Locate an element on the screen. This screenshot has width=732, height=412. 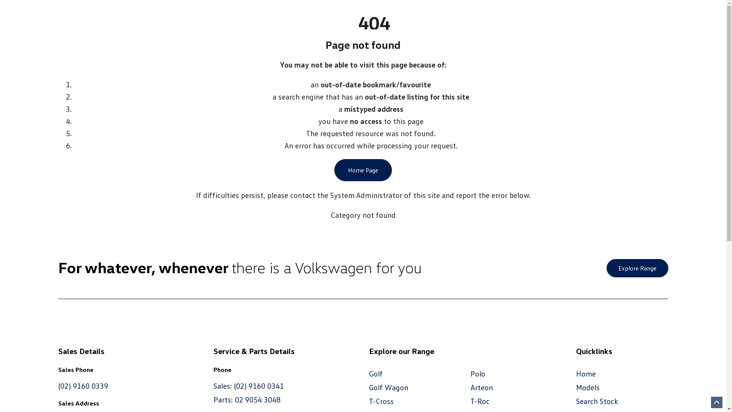
'Parts: 02 9054 3048' is located at coordinates (247, 399).